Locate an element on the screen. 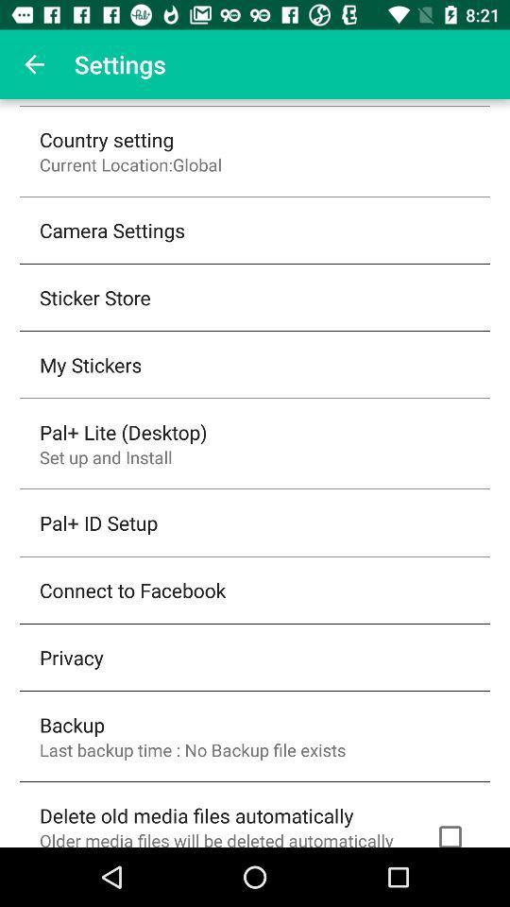 The height and width of the screenshot is (907, 510). the camera settings icon is located at coordinates (112, 229).